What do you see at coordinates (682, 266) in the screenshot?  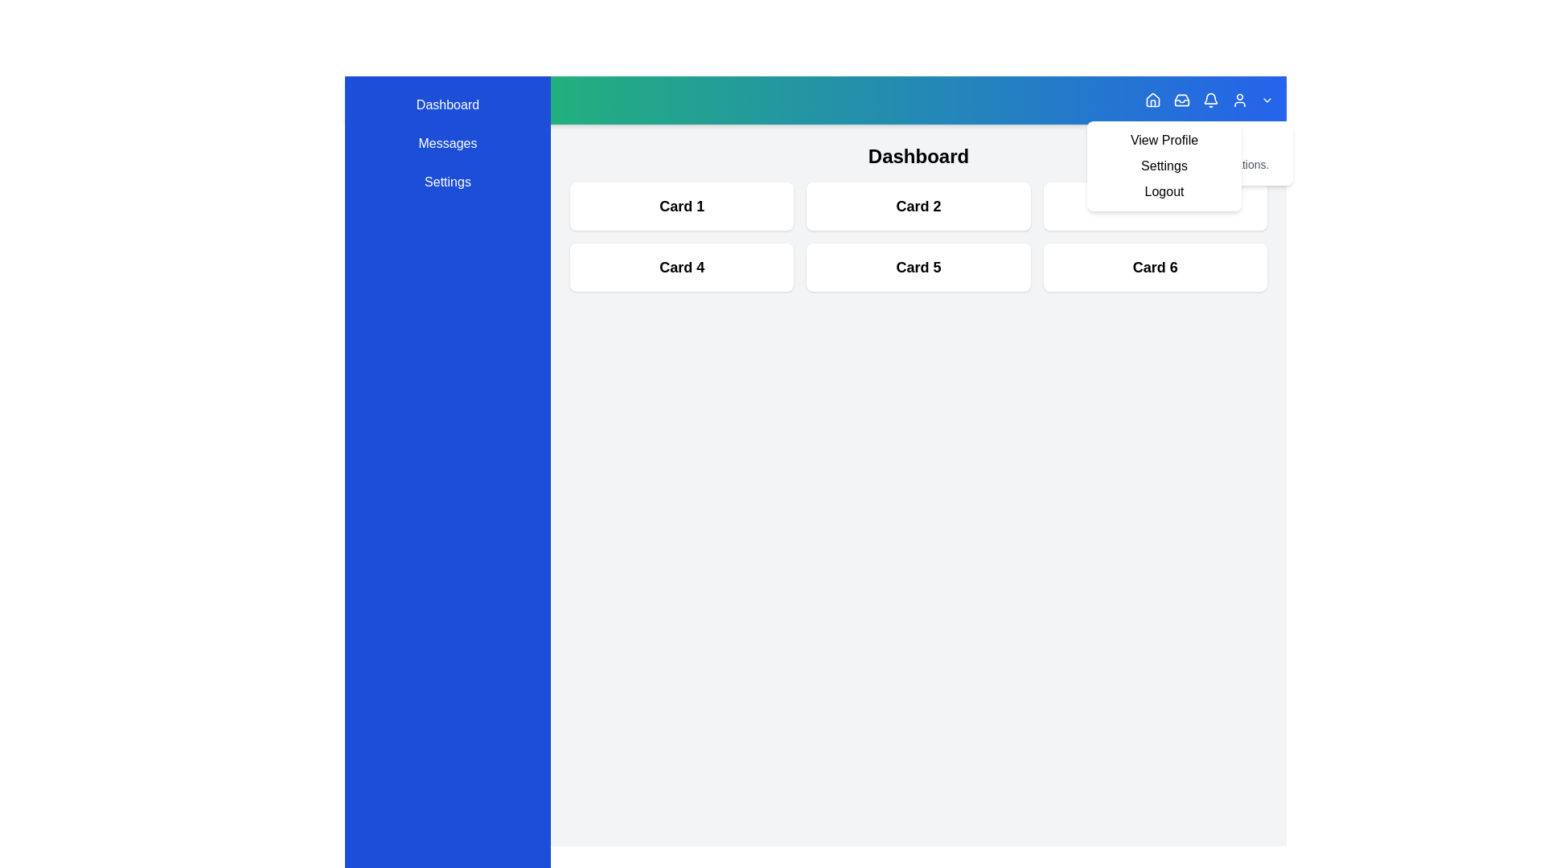 I see `the card located in the second row and first column of the grid layout` at bounding box center [682, 266].